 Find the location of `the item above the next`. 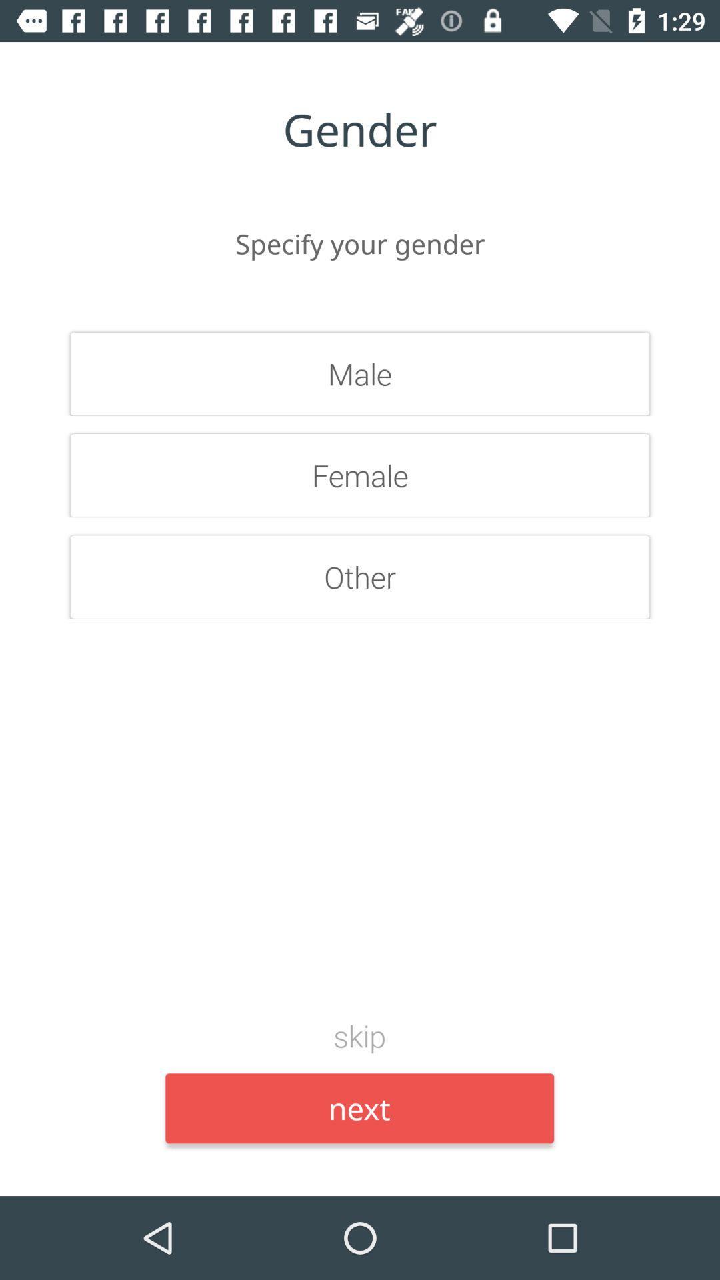

the item above the next is located at coordinates (359, 1035).